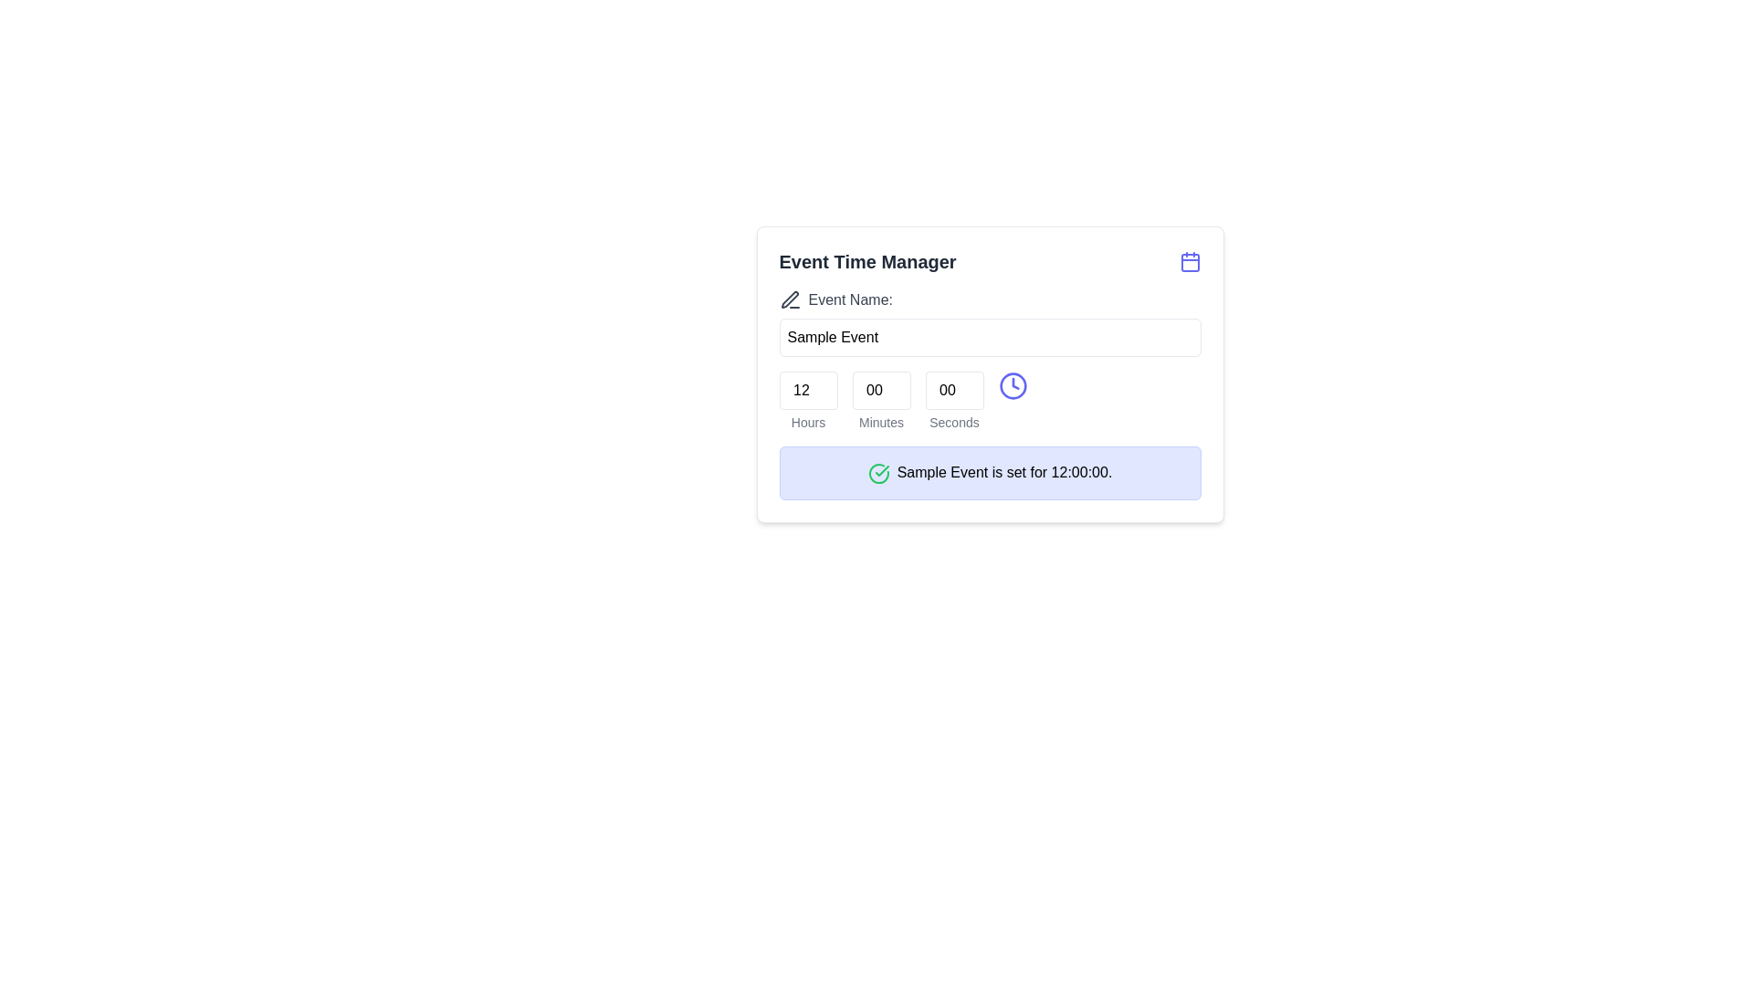 This screenshot has height=986, width=1753. Describe the element at coordinates (878, 472) in the screenshot. I see `the appearance of the circular icon with a green outline and a checkmark inside it, located in the notification message section` at that location.